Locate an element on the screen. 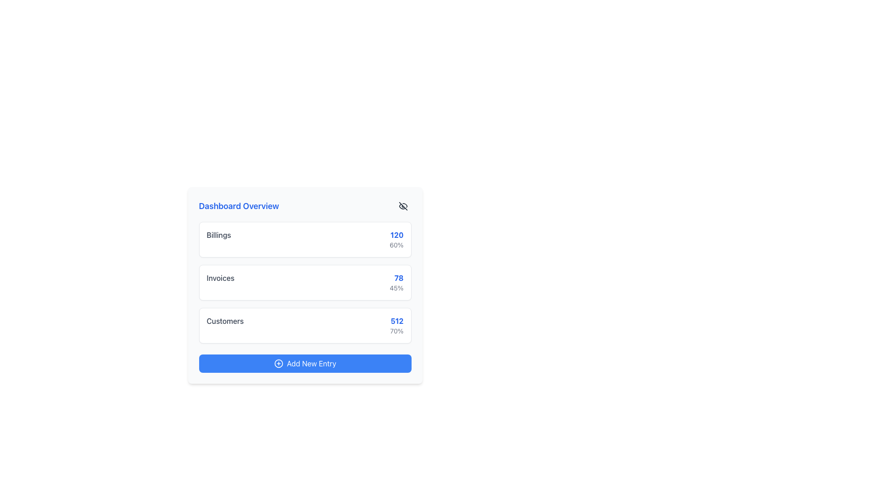 The height and width of the screenshot is (494, 879). the circular icon within the 'Add New Entry' button at the bottom of the card layout is located at coordinates (278, 363).